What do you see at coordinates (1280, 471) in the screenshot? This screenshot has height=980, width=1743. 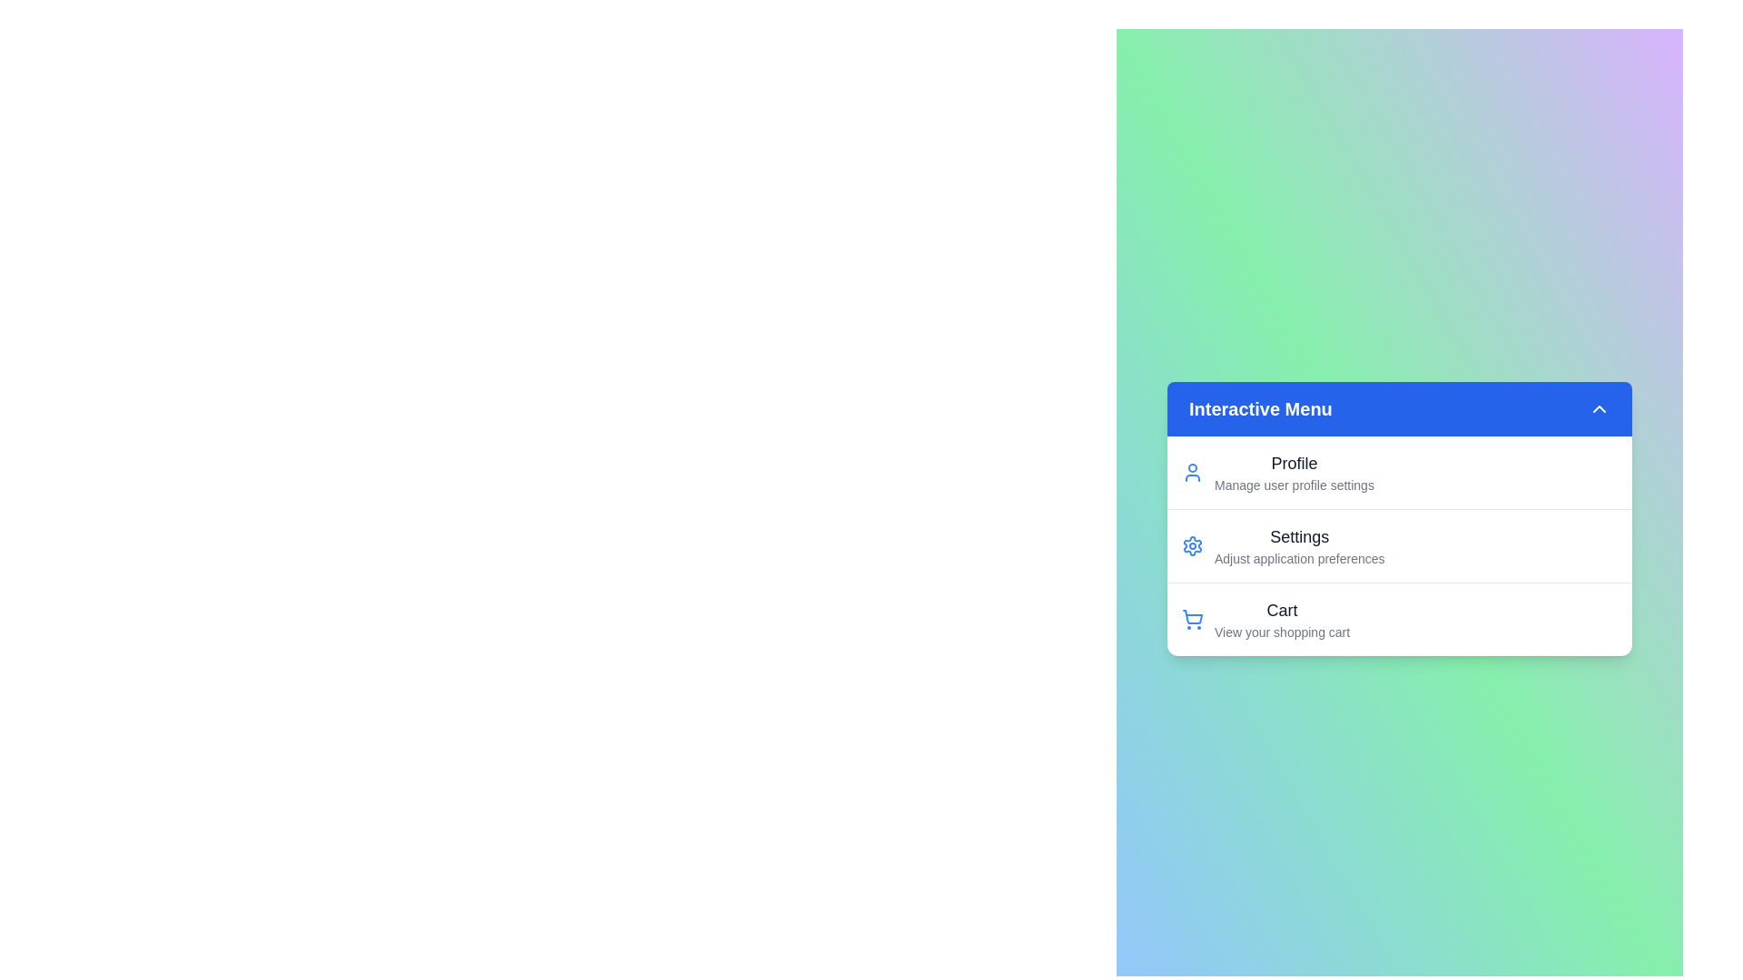 I see `the menu option Profile` at bounding box center [1280, 471].